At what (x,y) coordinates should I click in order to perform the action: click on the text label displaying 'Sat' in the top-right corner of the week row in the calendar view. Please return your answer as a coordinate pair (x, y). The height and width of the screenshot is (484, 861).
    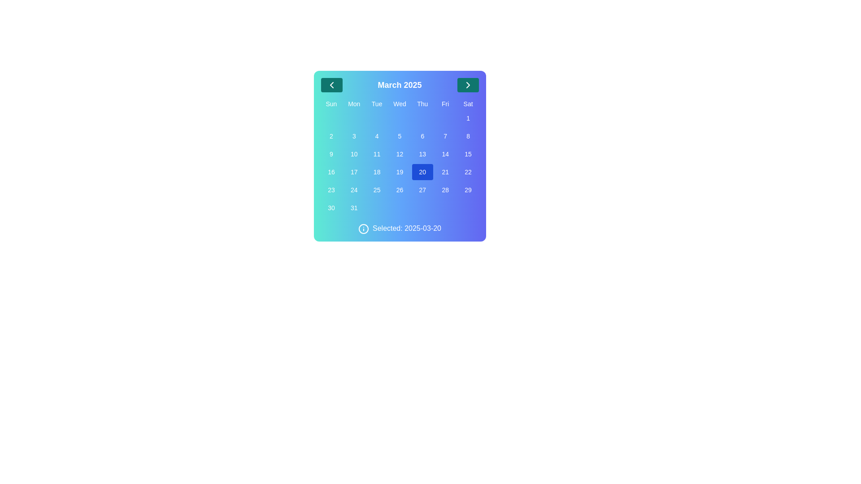
    Looking at the image, I should click on (468, 103).